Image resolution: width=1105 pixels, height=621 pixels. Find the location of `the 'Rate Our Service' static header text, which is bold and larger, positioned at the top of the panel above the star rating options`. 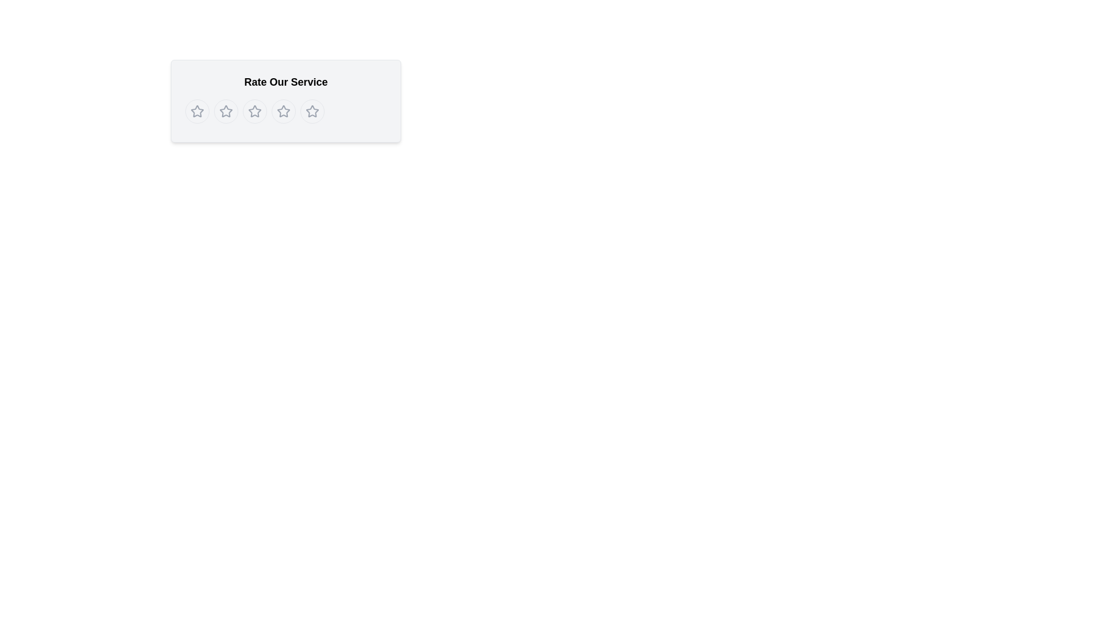

the 'Rate Our Service' static header text, which is bold and larger, positioned at the top of the panel above the star rating options is located at coordinates (286, 81).